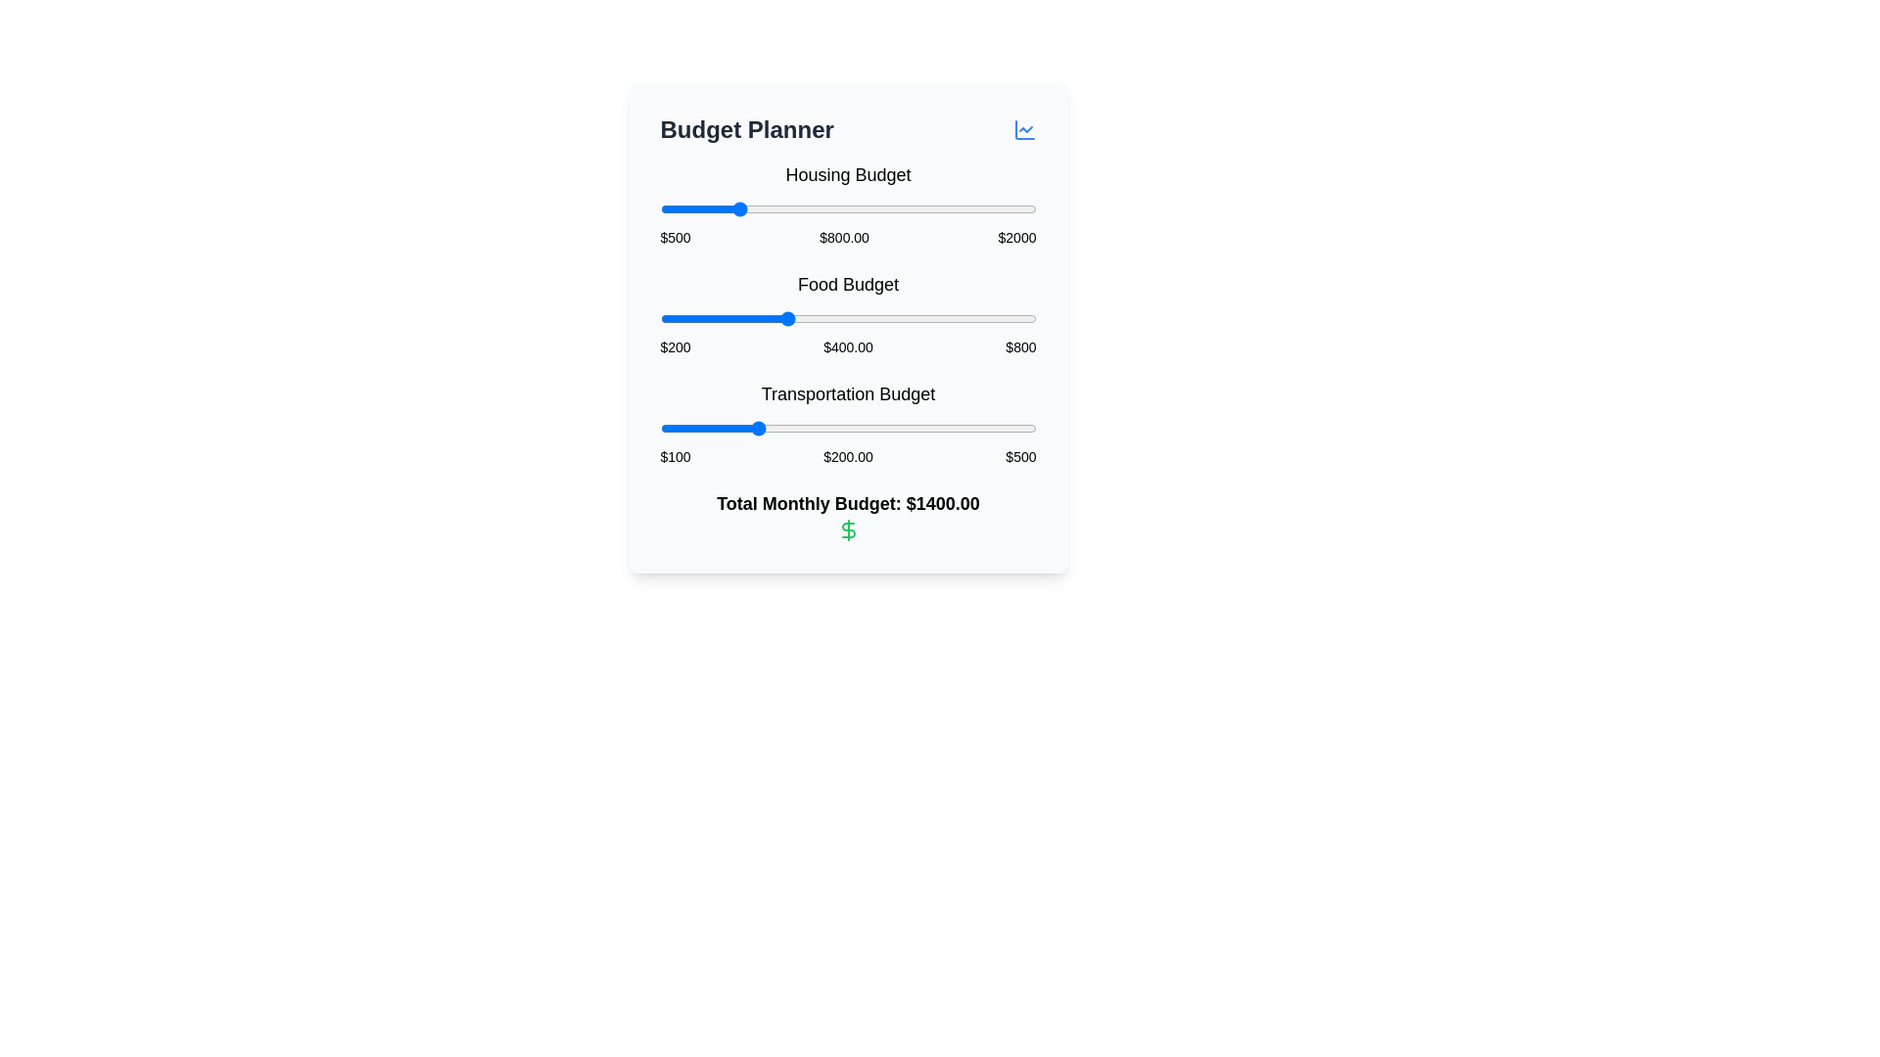 The image size is (1880, 1057). What do you see at coordinates (884, 318) in the screenshot?
I see `the Food Budget slider` at bounding box center [884, 318].